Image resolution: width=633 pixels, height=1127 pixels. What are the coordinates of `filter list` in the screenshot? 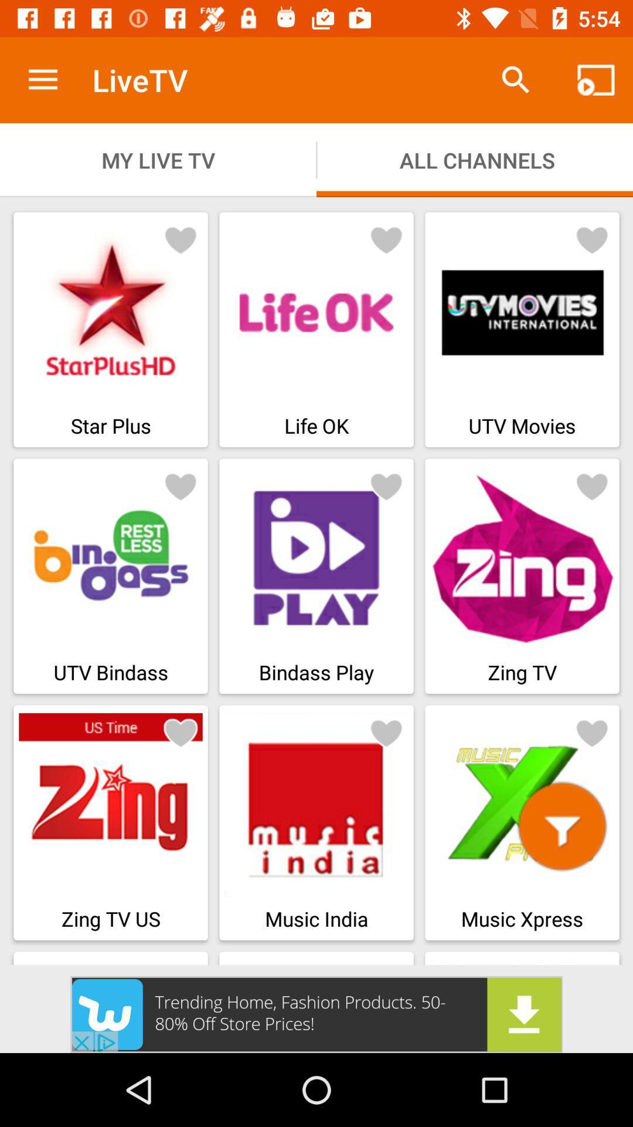 It's located at (561, 825).